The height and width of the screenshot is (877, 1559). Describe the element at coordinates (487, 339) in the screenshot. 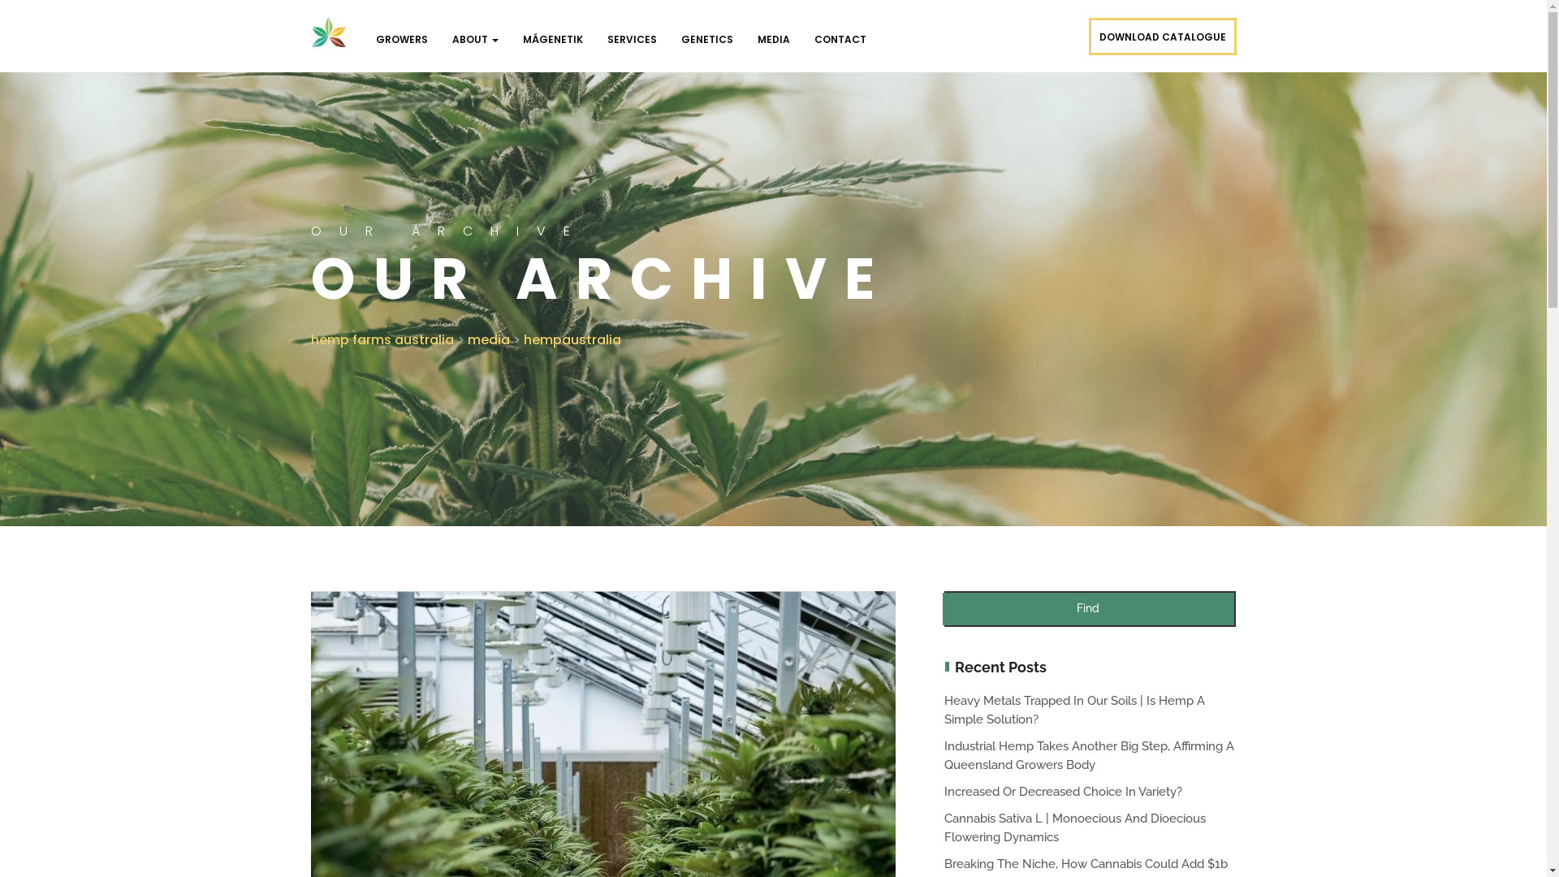

I see `'media'` at that location.